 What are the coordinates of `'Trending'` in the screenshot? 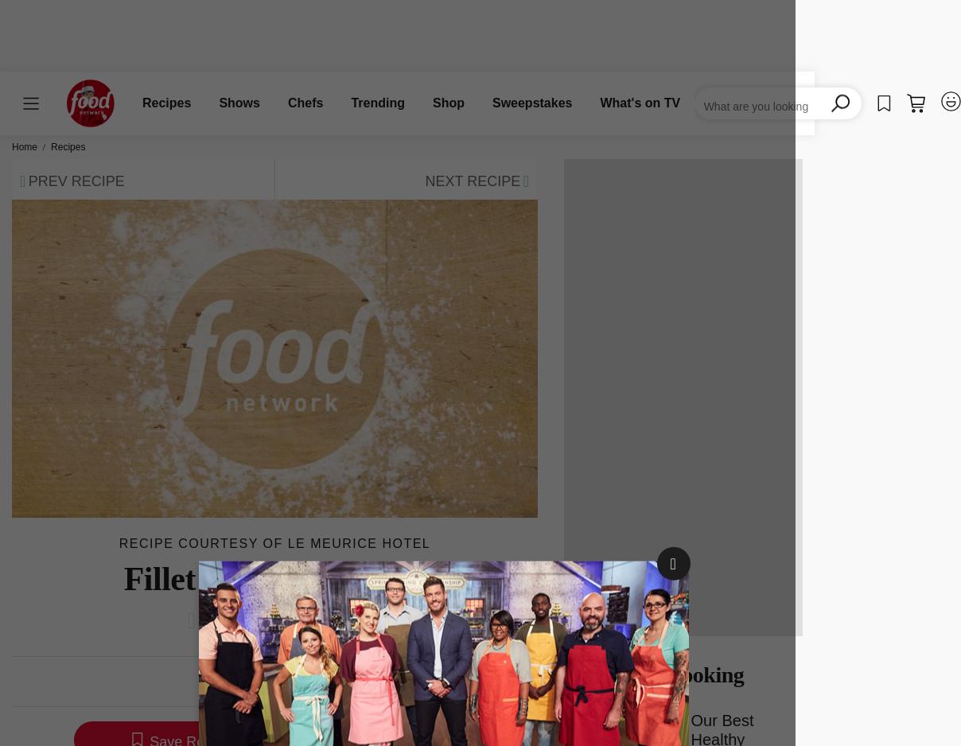 It's located at (377, 102).